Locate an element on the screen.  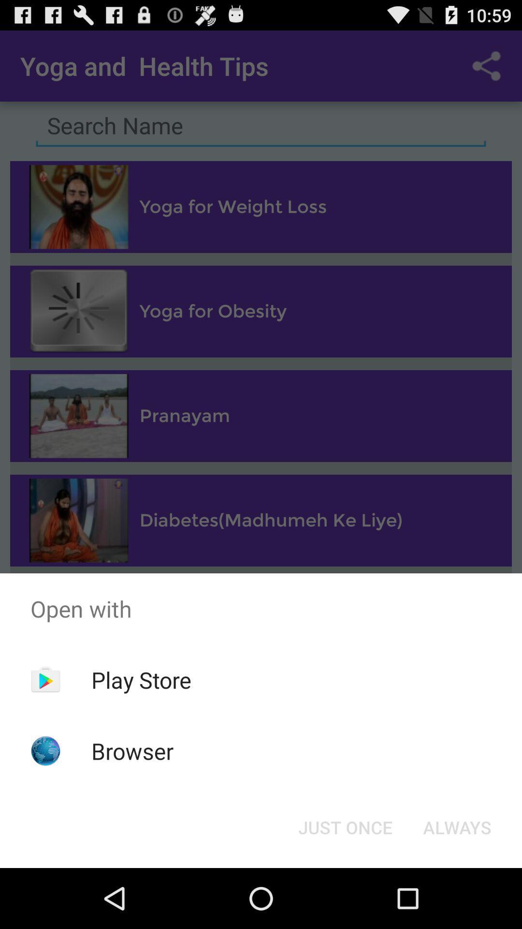
item above browser item is located at coordinates (141, 679).